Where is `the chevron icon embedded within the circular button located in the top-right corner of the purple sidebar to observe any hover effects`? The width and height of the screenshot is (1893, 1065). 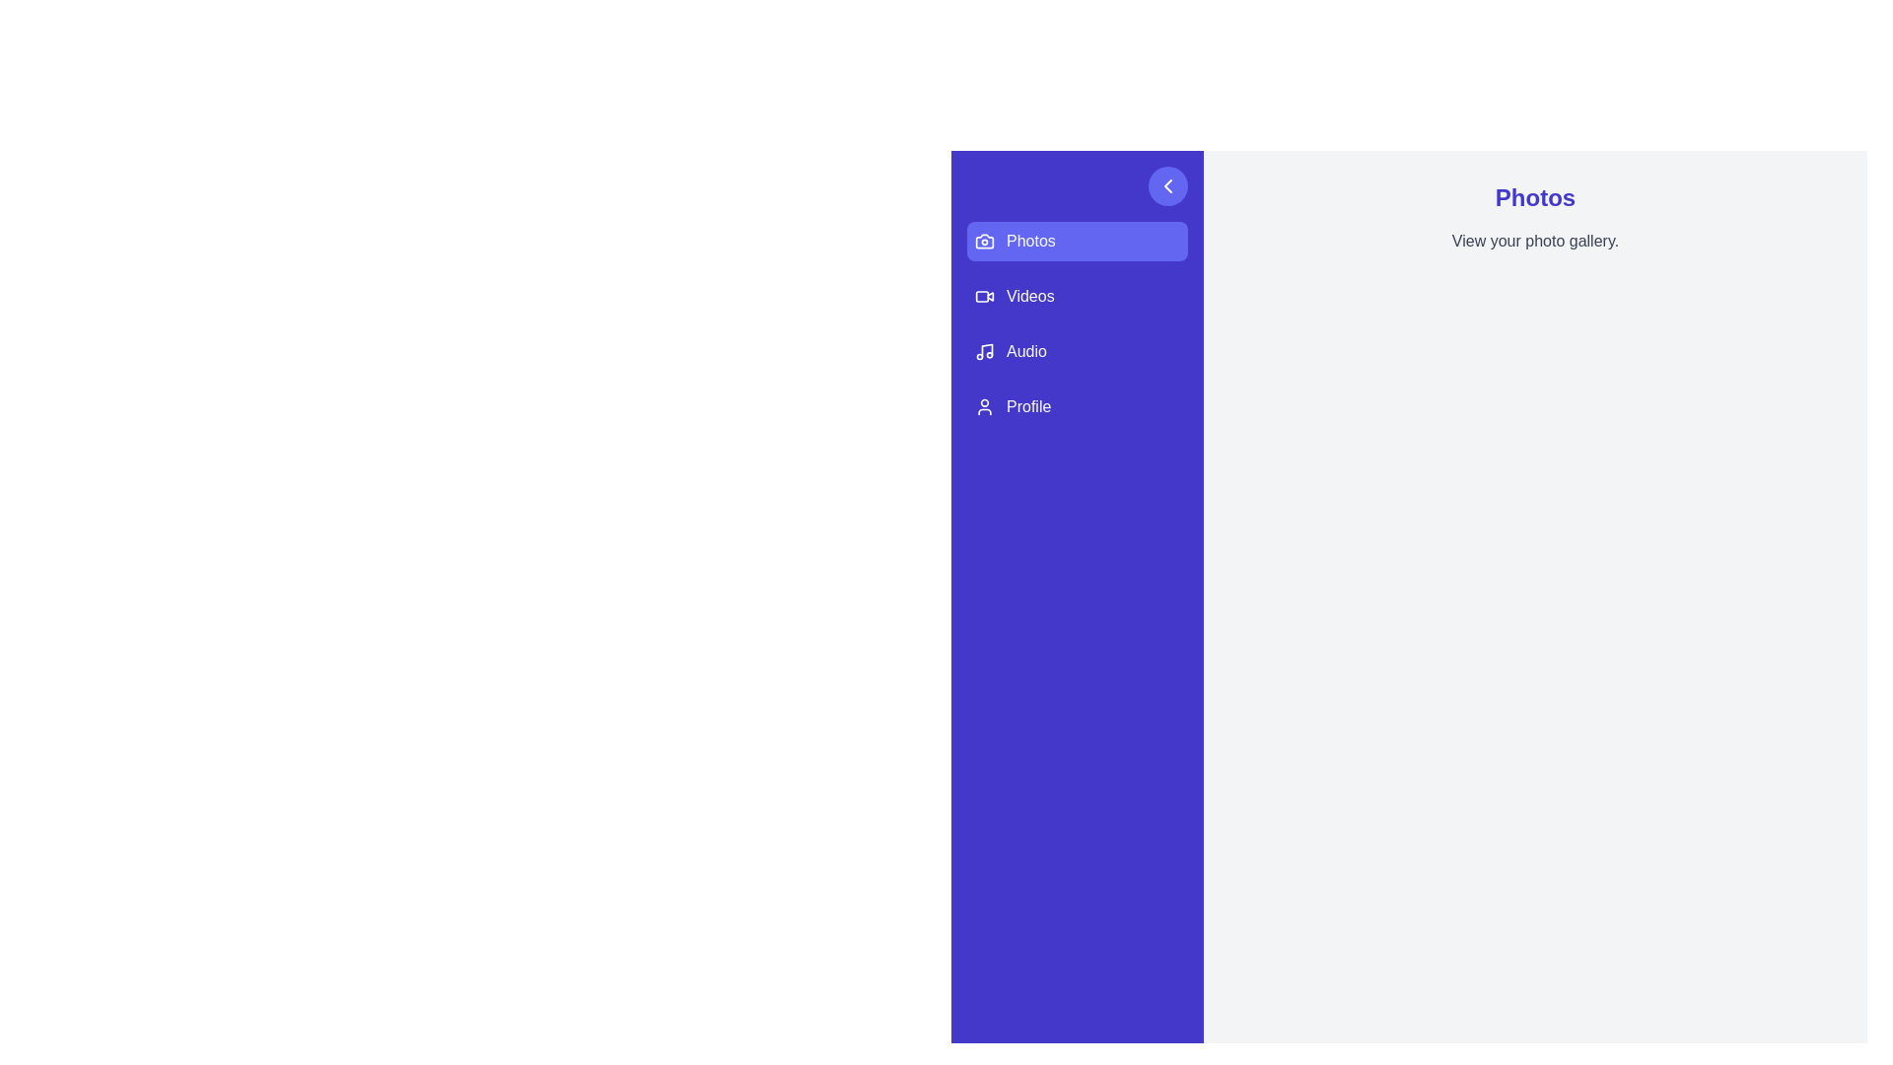 the chevron icon embedded within the circular button located in the top-right corner of the purple sidebar to observe any hover effects is located at coordinates (1168, 186).